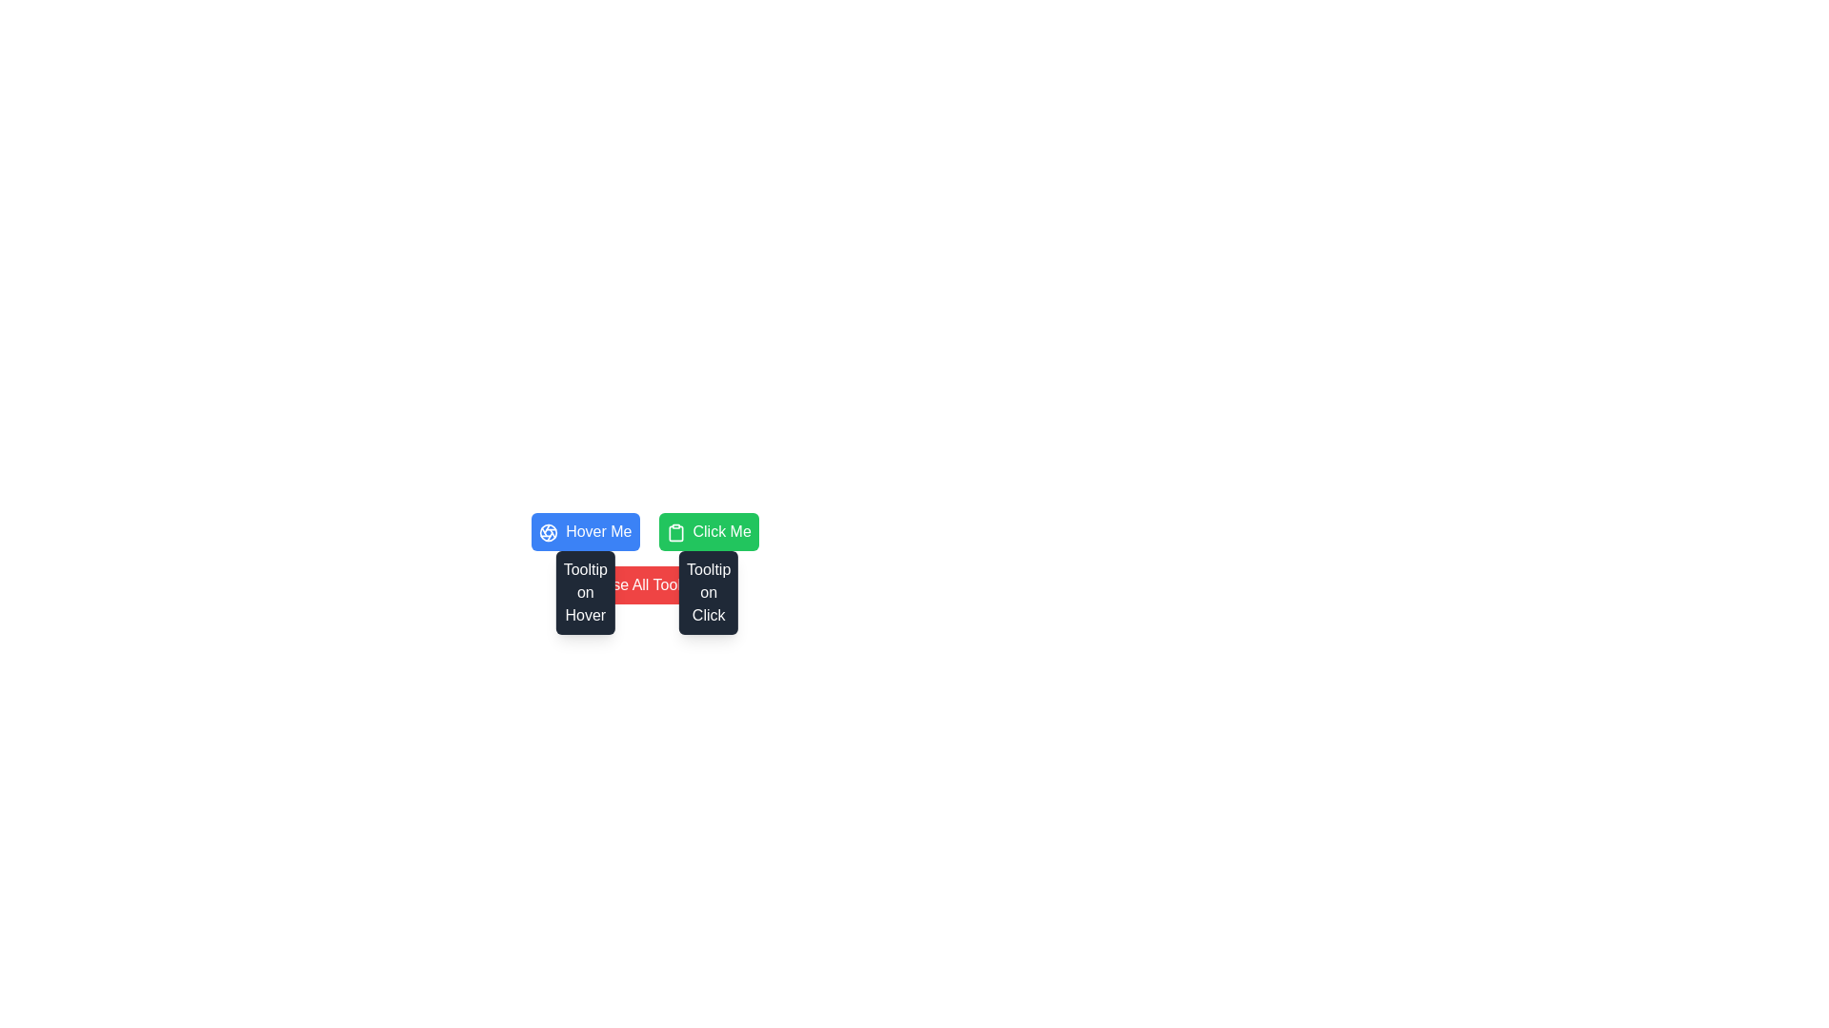  I want to click on the interactive button labeled 'Hover Me' with a blue background and white text to trigger the tooltip that provides supplemental information, so click(584, 592).